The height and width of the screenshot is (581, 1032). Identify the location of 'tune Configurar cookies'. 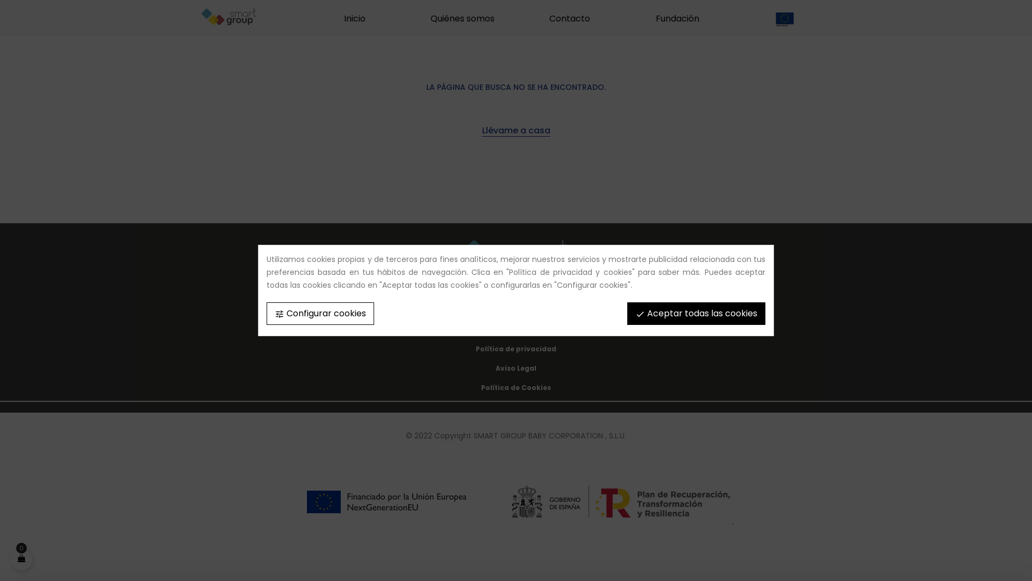
(319, 313).